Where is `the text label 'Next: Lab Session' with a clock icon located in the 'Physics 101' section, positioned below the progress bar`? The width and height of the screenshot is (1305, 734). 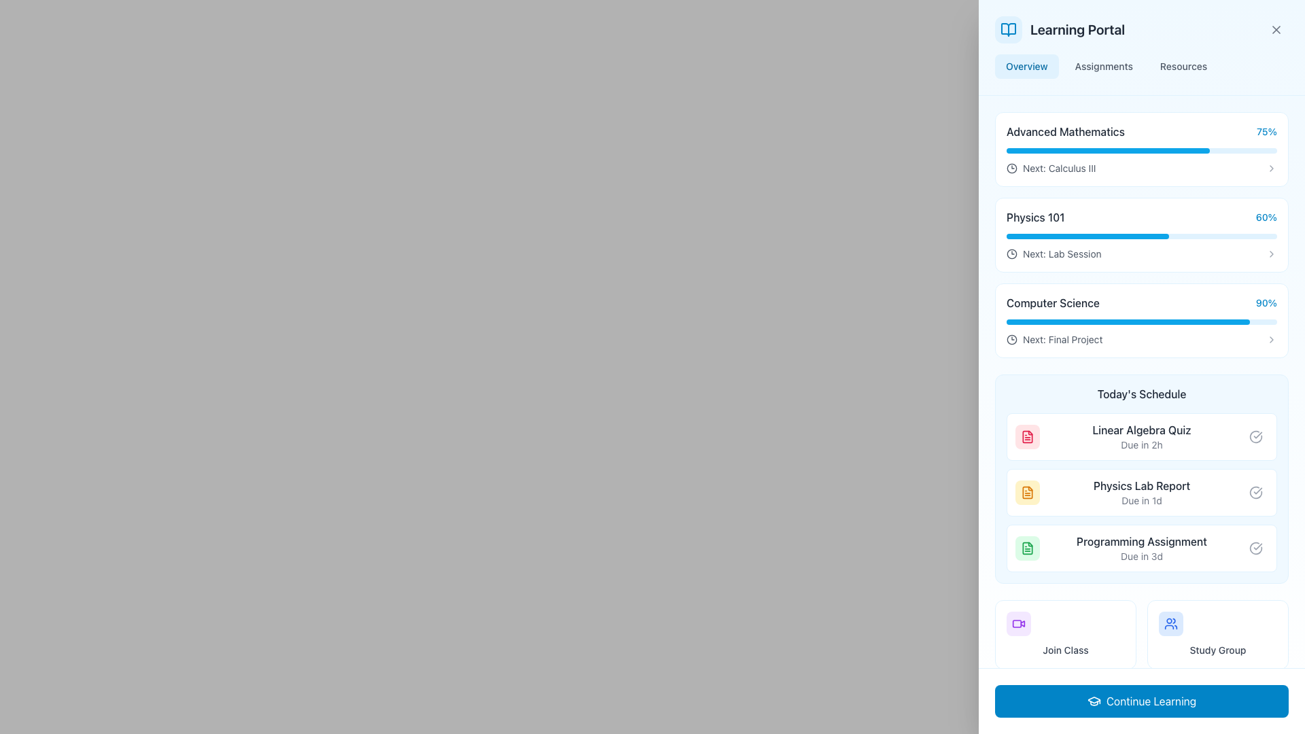 the text label 'Next: Lab Session' with a clock icon located in the 'Physics 101' section, positioned below the progress bar is located at coordinates (1053, 254).